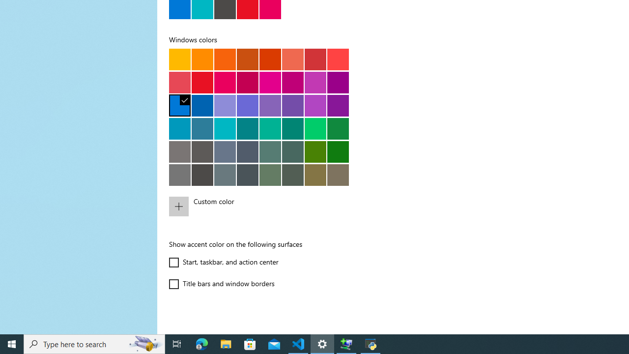  Describe the element at coordinates (338, 59) in the screenshot. I see `'Mod red'` at that location.